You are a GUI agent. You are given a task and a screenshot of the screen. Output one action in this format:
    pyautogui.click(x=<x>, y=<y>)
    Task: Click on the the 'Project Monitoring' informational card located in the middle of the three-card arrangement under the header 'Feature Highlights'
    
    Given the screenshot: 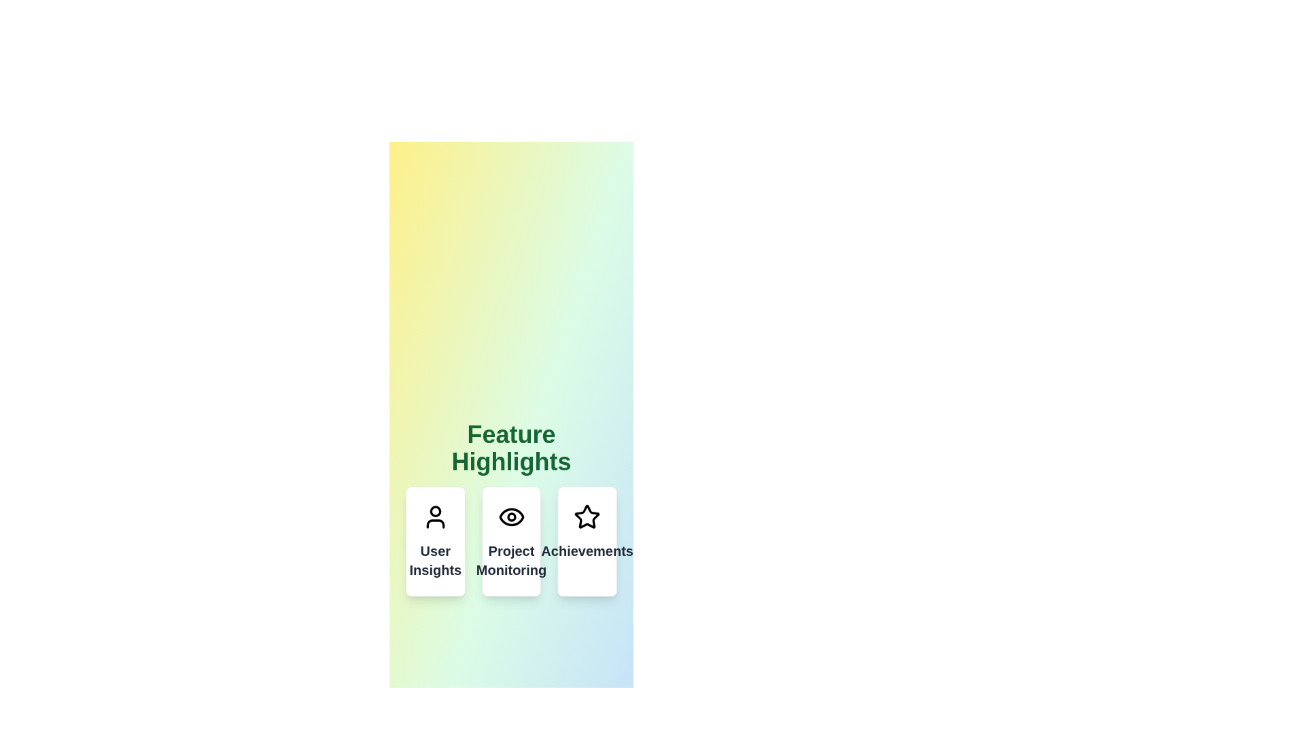 What is the action you would take?
    pyautogui.click(x=510, y=541)
    